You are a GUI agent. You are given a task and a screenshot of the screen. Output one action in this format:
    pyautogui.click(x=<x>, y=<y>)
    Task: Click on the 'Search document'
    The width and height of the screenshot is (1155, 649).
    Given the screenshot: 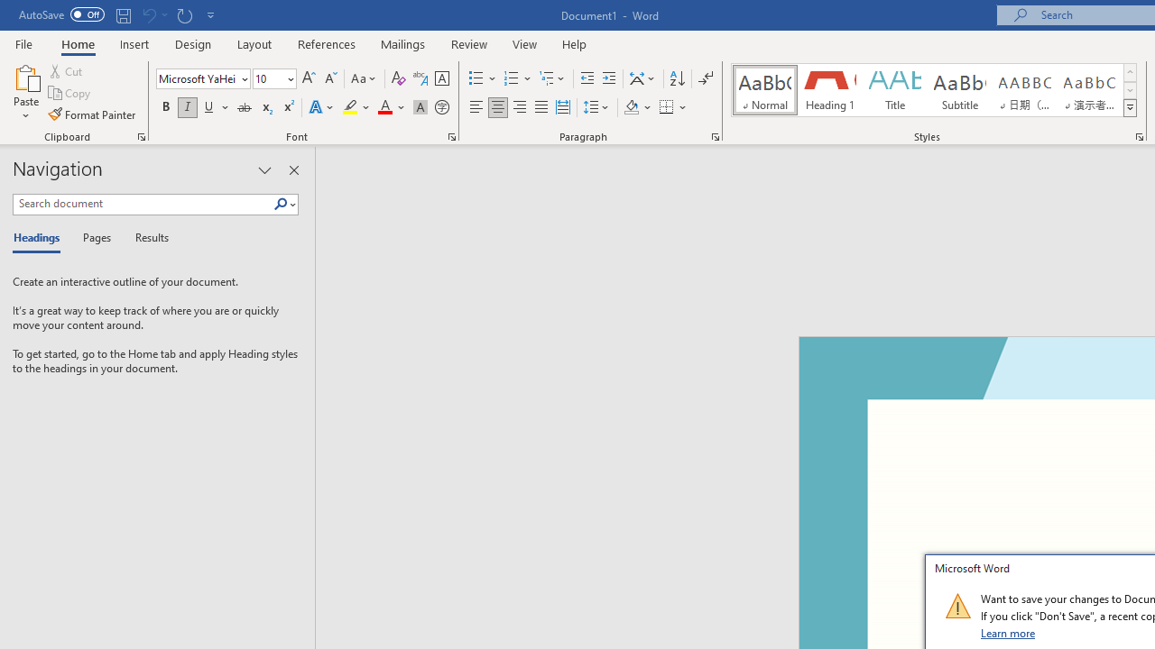 What is the action you would take?
    pyautogui.click(x=142, y=203)
    